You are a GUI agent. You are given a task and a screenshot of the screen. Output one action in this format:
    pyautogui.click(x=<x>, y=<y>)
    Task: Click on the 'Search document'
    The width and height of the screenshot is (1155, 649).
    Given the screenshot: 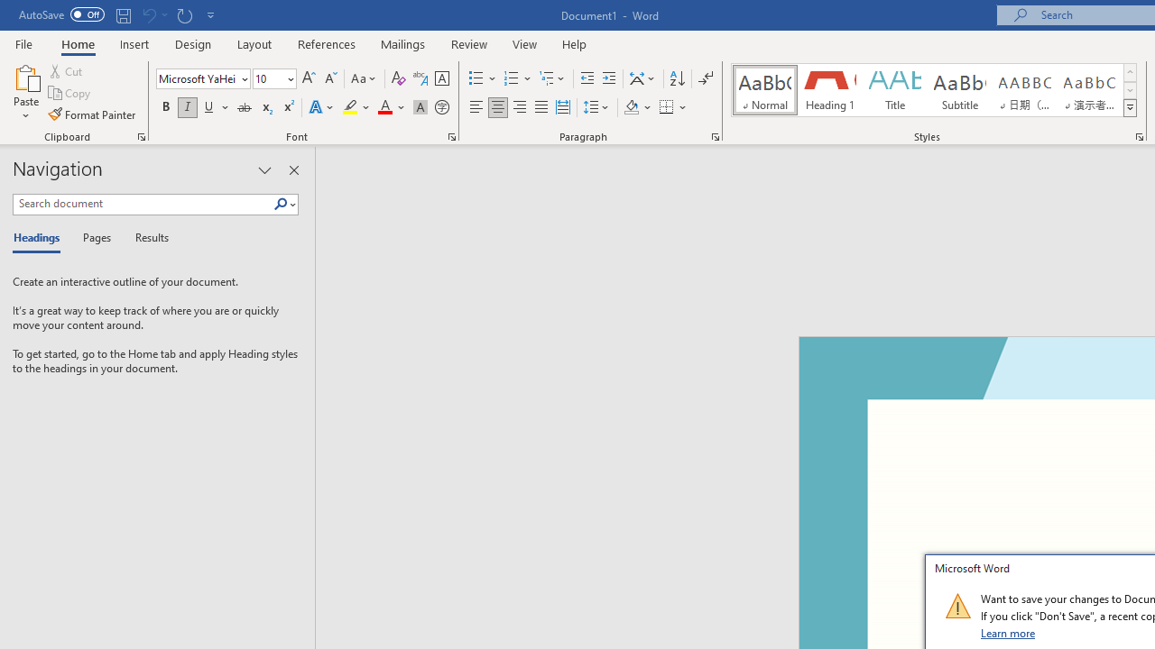 What is the action you would take?
    pyautogui.click(x=142, y=203)
    